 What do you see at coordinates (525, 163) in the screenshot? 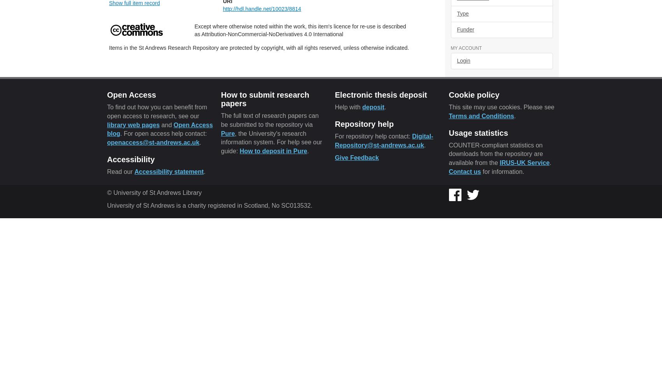
I see `'IRUS-UK Service'` at bounding box center [525, 163].